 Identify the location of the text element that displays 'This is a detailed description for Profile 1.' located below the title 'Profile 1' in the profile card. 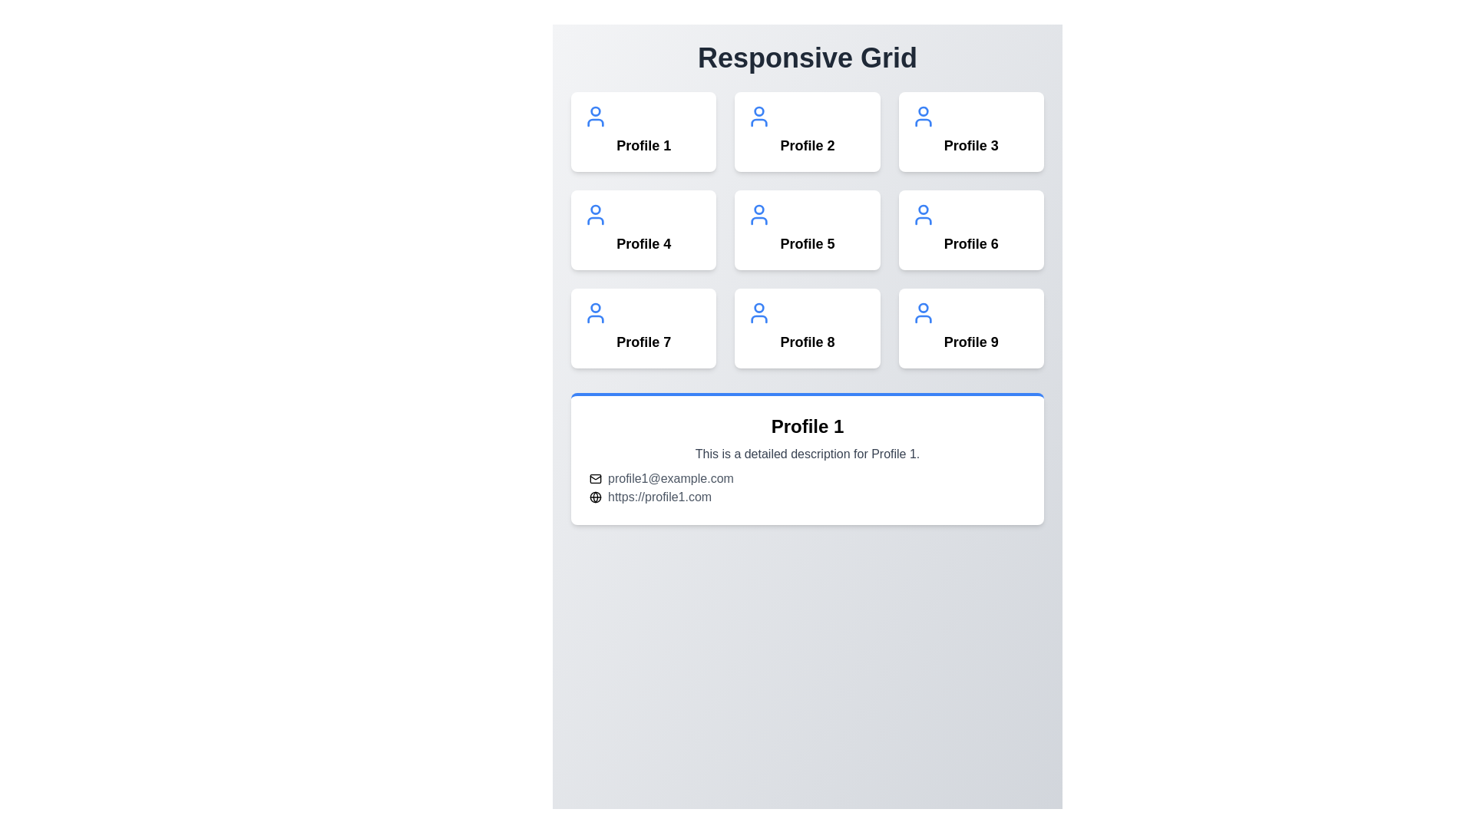
(806, 453).